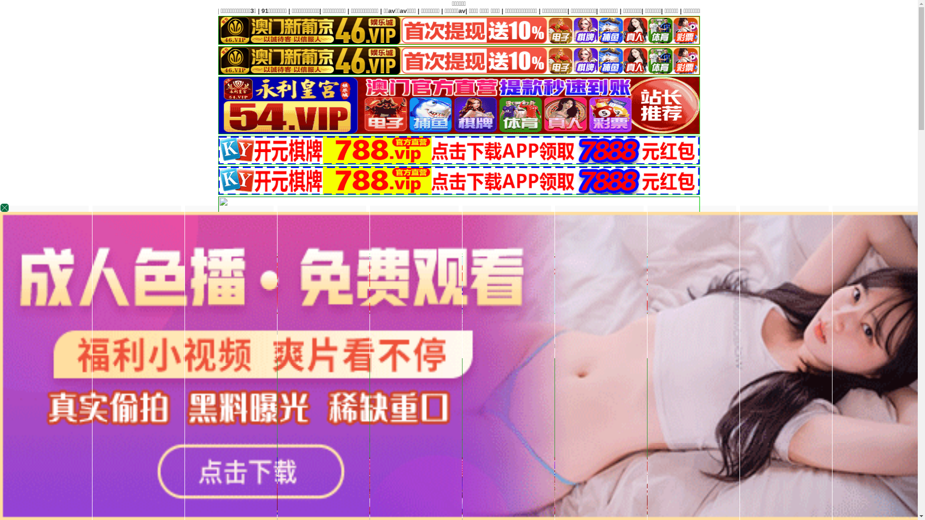 The width and height of the screenshot is (925, 520). Describe the element at coordinates (650, 11) in the screenshot. I see `'|'` at that location.